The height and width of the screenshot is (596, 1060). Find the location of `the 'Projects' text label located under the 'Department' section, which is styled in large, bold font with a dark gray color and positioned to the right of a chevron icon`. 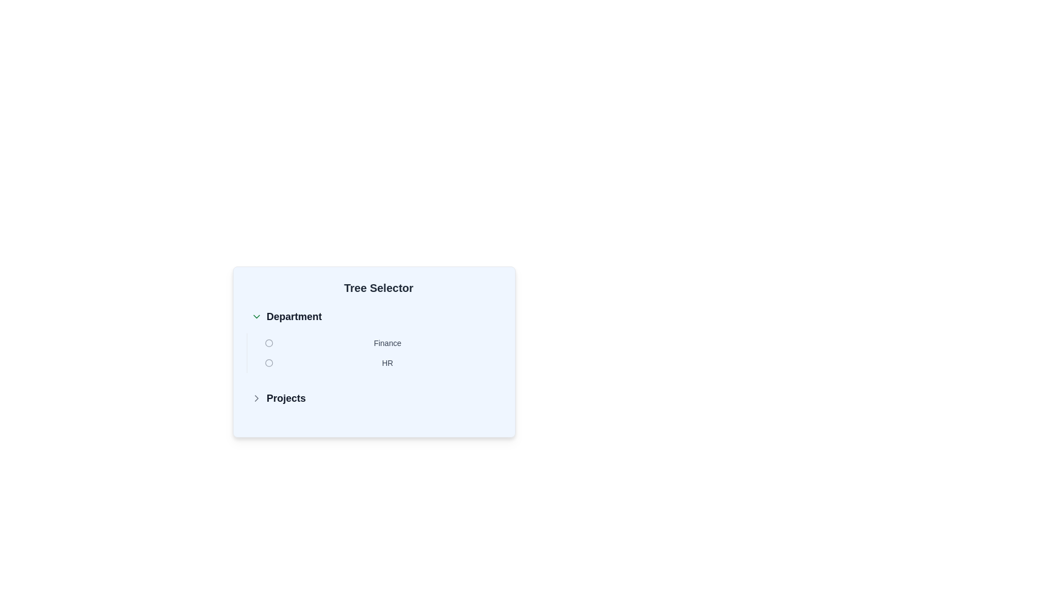

the 'Projects' text label located under the 'Department' section, which is styled in large, bold font with a dark gray color and positioned to the right of a chevron icon is located at coordinates (286, 398).